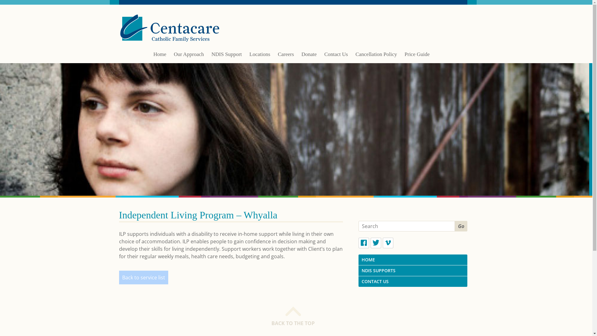 This screenshot has width=597, height=336. Describe the element at coordinates (370, 242) in the screenshot. I see `'Twitter'` at that location.